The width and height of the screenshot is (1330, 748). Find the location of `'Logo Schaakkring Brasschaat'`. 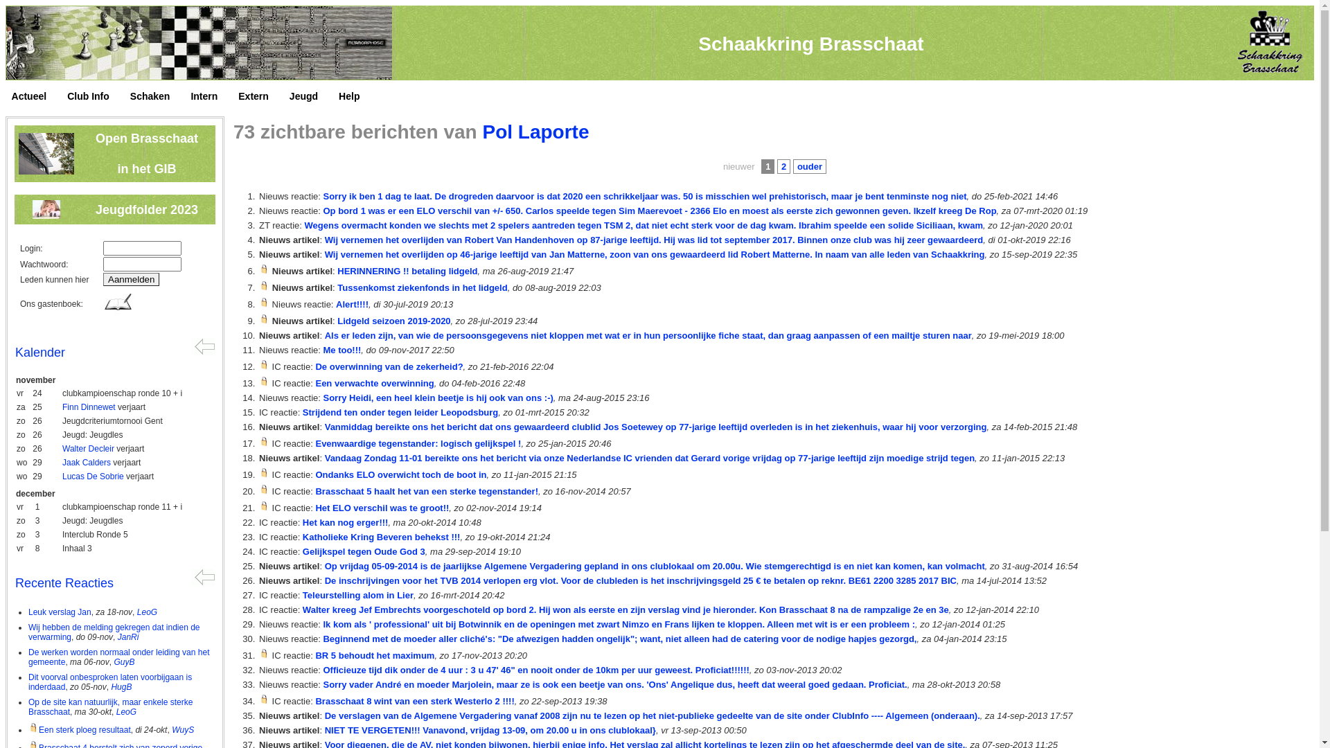

'Logo Schaakkring Brasschaat' is located at coordinates (1268, 42).